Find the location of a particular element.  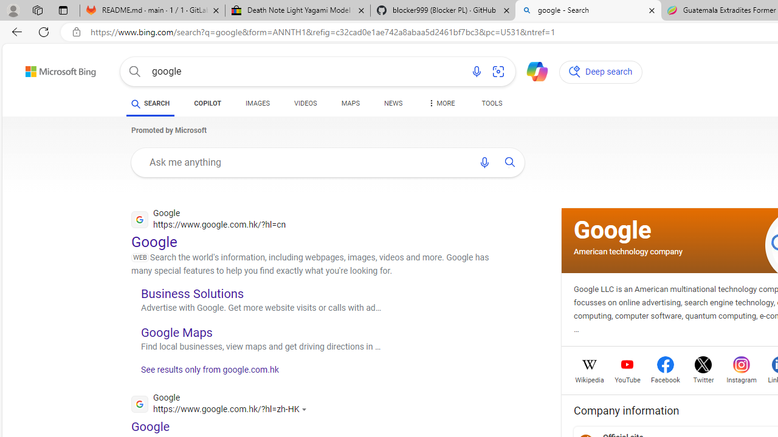

'Twitter' is located at coordinates (703, 378).